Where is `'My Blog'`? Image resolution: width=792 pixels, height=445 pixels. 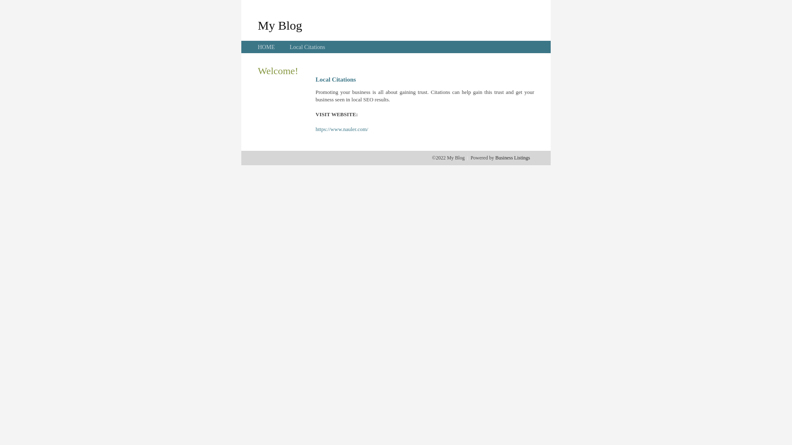
'My Blog' is located at coordinates (280, 25).